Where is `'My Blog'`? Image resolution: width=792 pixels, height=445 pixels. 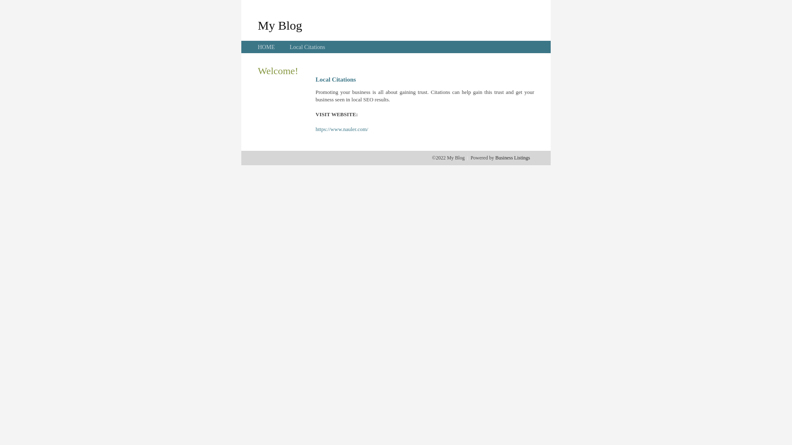
'My Blog' is located at coordinates (280, 25).